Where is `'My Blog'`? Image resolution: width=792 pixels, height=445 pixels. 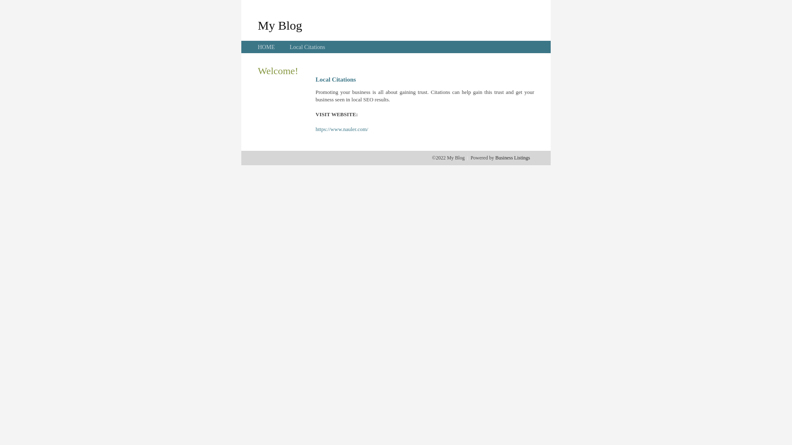
'My Blog' is located at coordinates (280, 25).